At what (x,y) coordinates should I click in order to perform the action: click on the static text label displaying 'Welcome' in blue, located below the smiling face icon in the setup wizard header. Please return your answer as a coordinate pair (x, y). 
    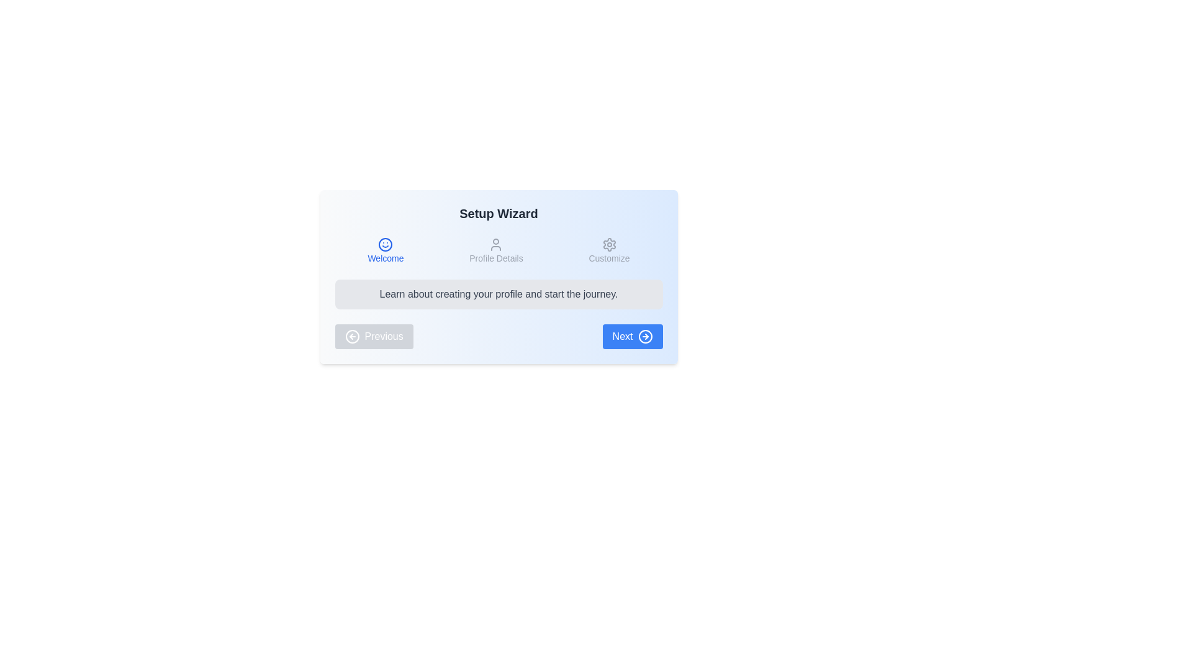
    Looking at the image, I should click on (385, 258).